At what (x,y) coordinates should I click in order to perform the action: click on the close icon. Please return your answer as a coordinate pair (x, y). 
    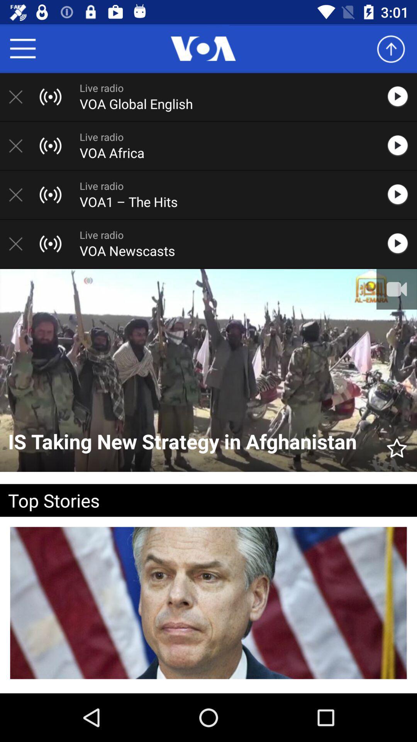
    Looking at the image, I should click on (19, 195).